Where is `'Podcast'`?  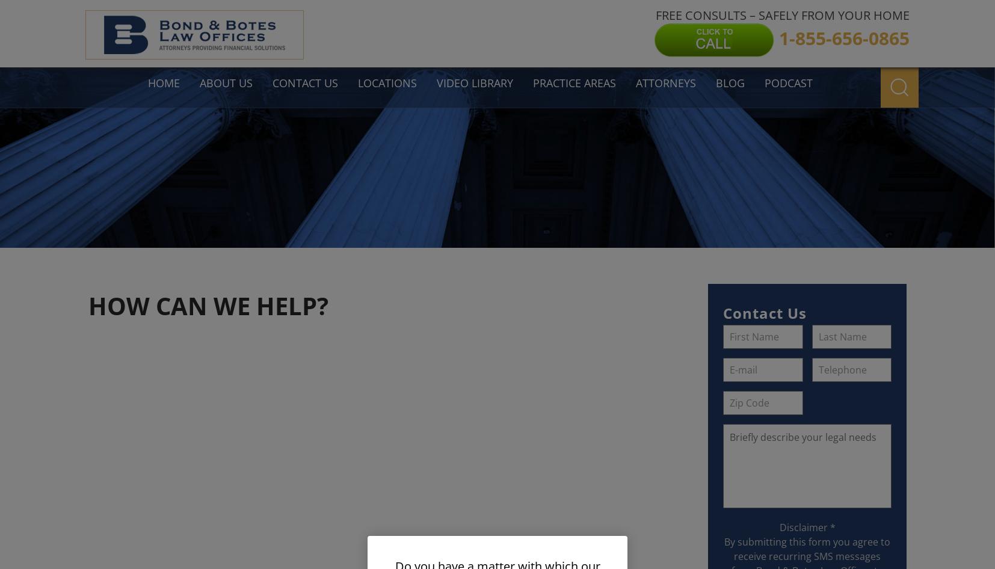
'Podcast' is located at coordinates (763, 82).